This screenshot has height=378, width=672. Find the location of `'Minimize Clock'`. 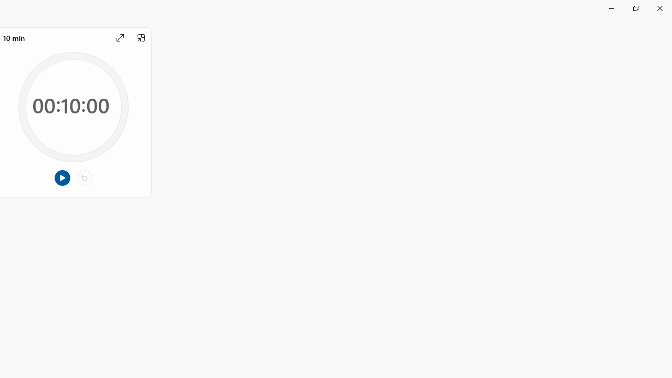

'Minimize Clock' is located at coordinates (611, 8).